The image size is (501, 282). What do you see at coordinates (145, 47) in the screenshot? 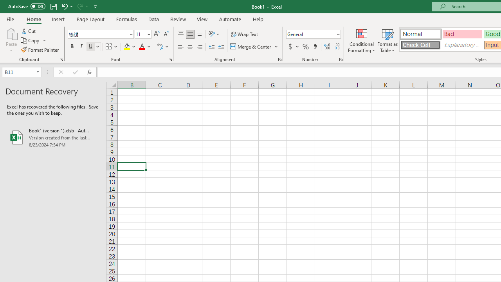
I see `'Font Color'` at bounding box center [145, 47].